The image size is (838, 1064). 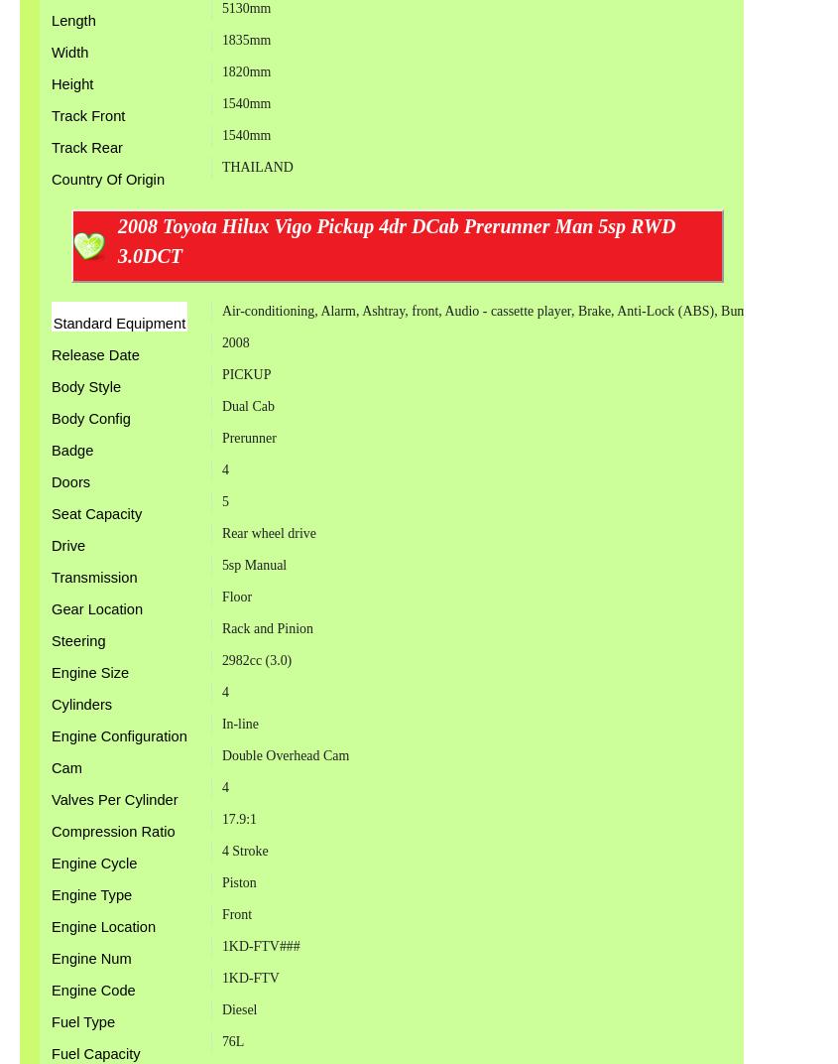 What do you see at coordinates (77, 640) in the screenshot?
I see `'Steering'` at bounding box center [77, 640].